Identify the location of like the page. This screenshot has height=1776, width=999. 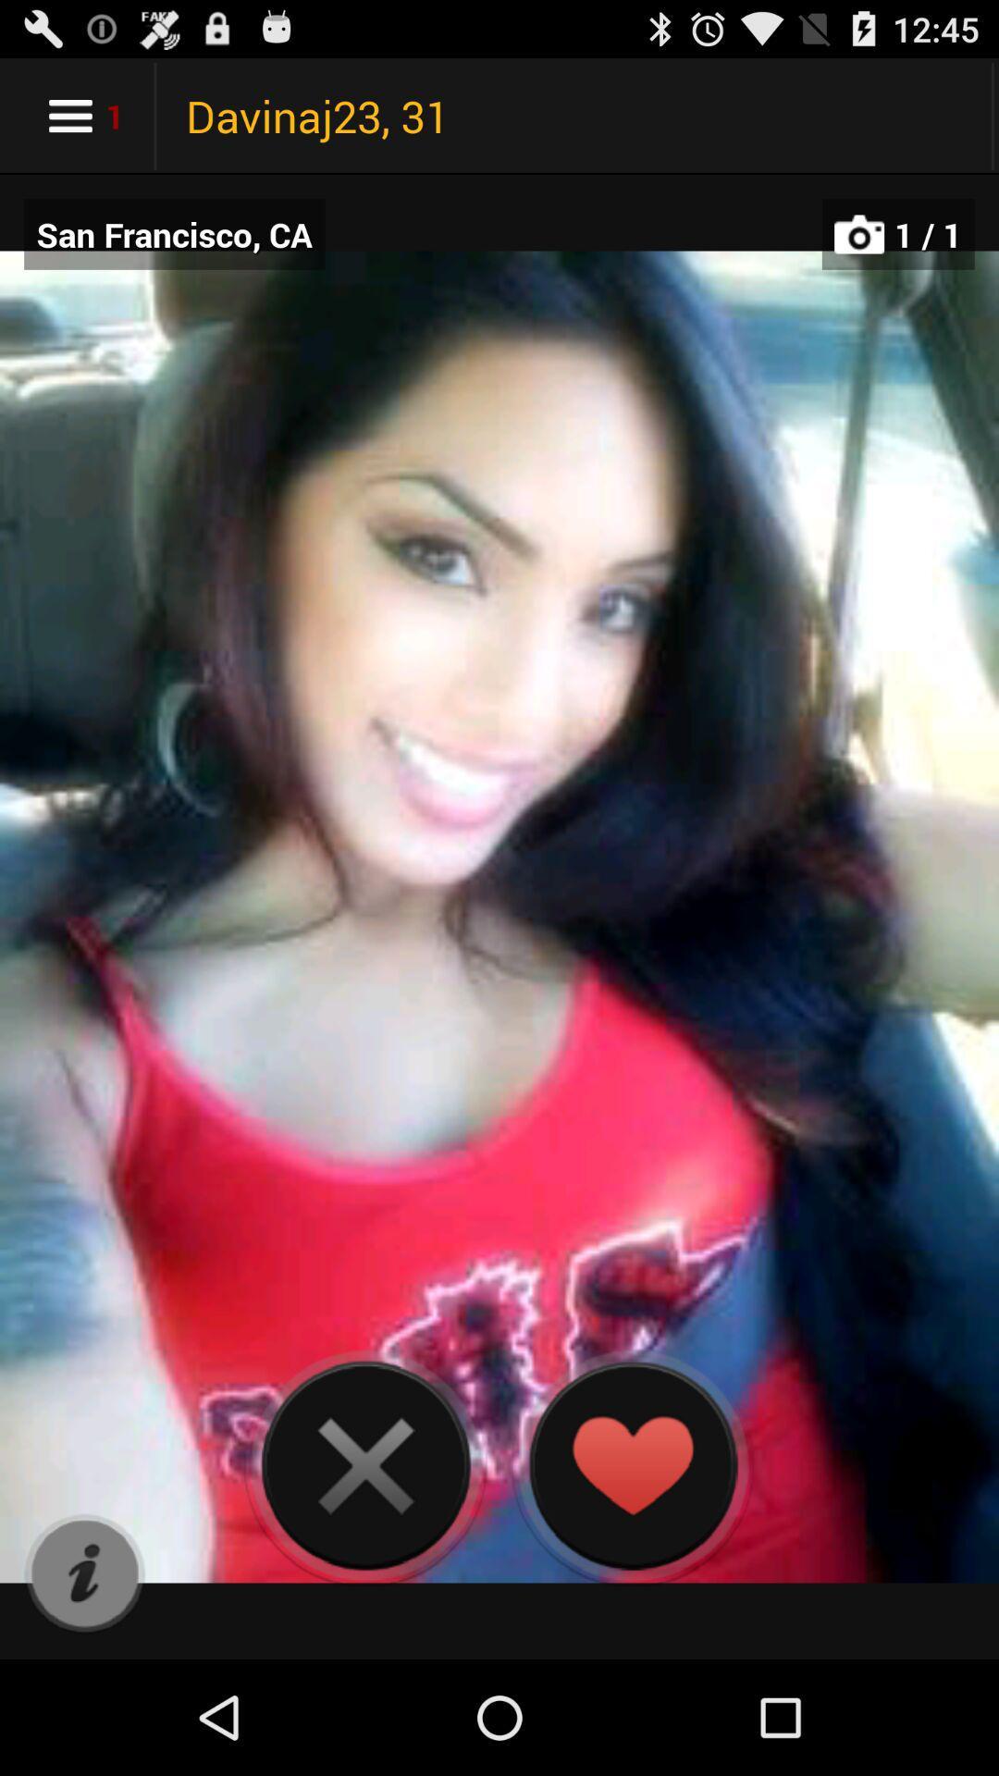
(631, 1464).